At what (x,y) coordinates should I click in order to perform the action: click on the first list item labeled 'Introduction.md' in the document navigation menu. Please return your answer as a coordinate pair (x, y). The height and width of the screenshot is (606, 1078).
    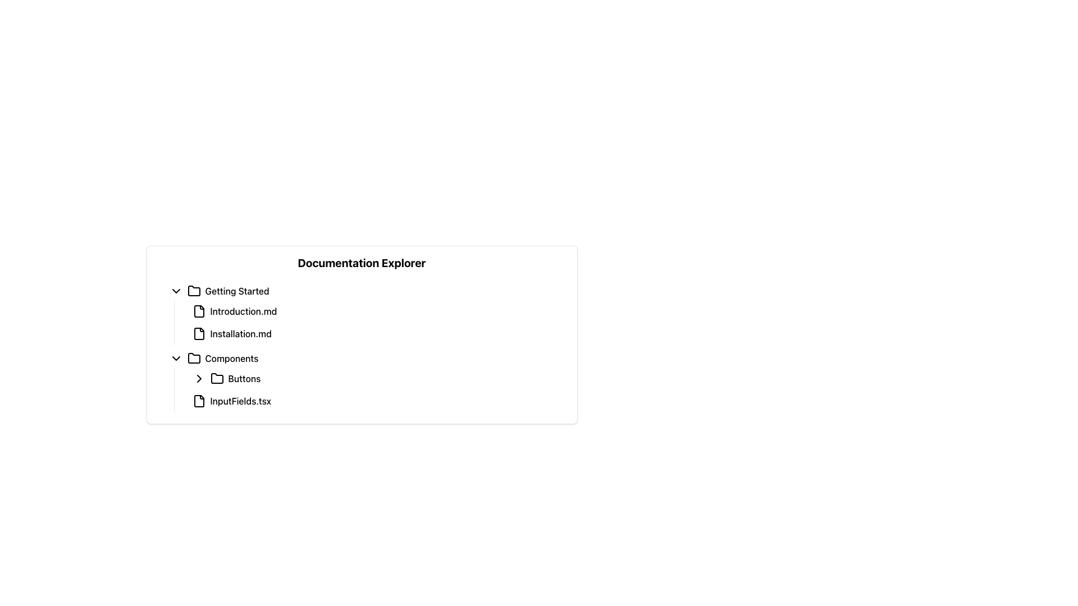
    Looking at the image, I should click on (377, 311).